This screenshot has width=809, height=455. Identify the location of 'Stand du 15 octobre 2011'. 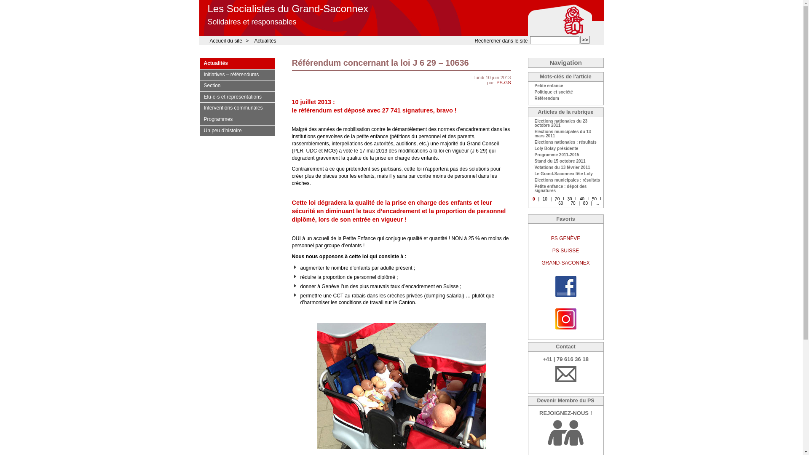
(565, 162).